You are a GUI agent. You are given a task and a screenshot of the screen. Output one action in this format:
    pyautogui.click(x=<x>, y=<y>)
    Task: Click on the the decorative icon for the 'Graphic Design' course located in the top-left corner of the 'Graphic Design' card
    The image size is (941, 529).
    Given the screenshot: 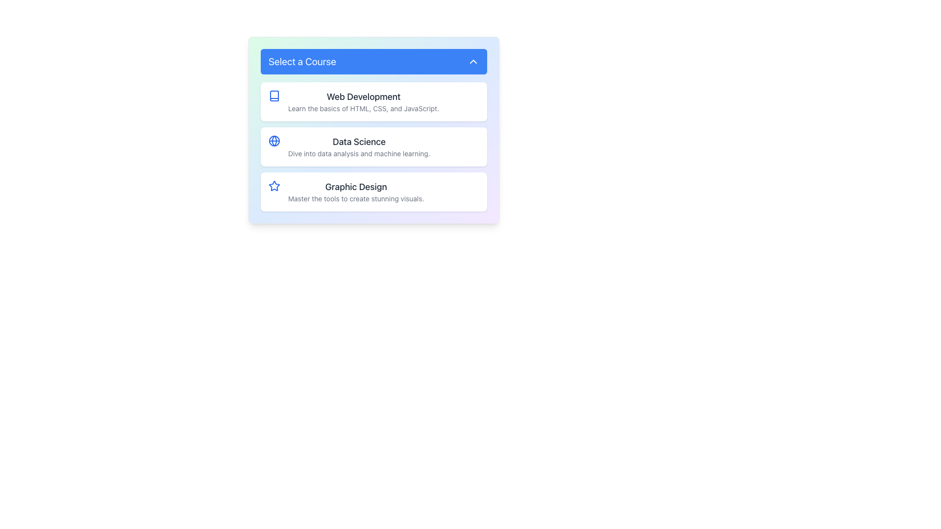 What is the action you would take?
    pyautogui.click(x=274, y=186)
    